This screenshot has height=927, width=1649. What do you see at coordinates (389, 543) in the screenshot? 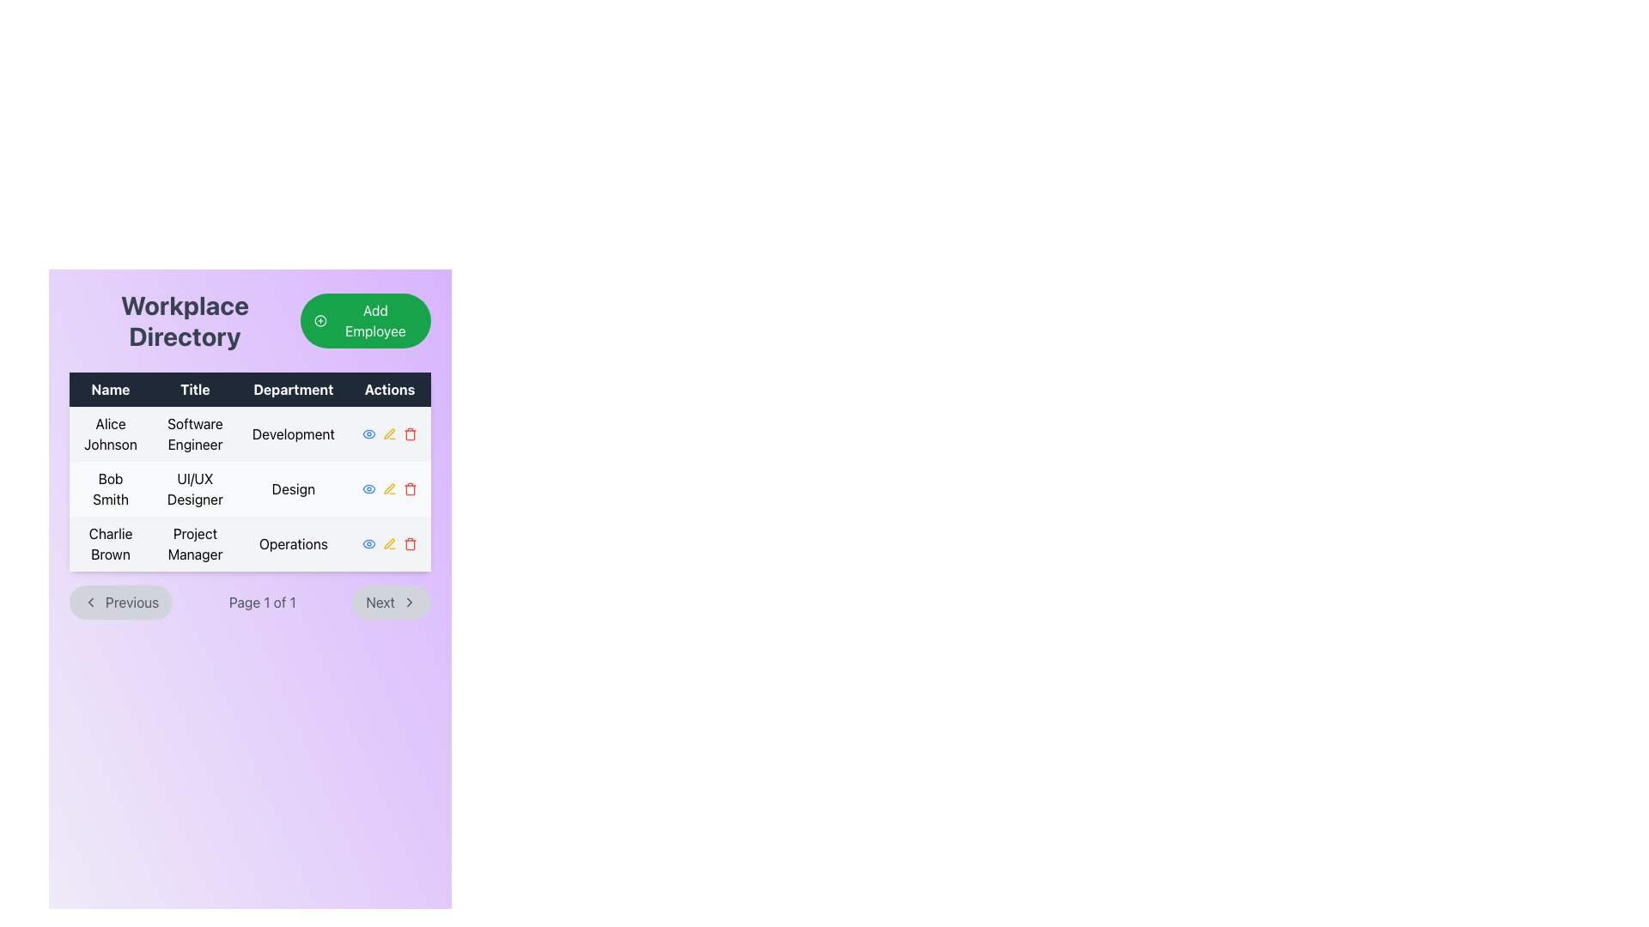
I see `the yellow button with a pencil icon located in the third row of the table under the 'Actions' column` at bounding box center [389, 543].